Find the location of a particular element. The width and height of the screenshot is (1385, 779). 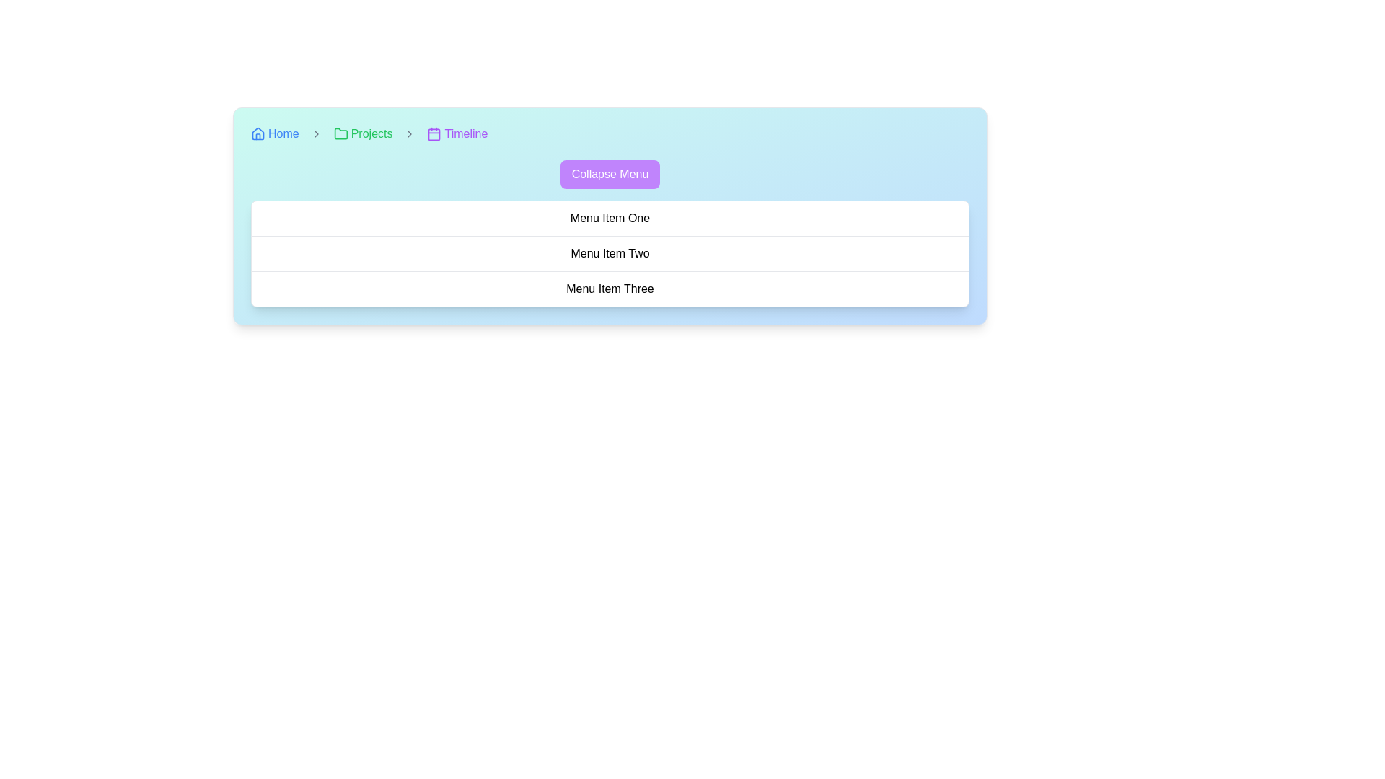

the small calendar icon with a purple outline located next to the 'Timeline' label on the navigation breadcrumb is located at coordinates (434, 133).